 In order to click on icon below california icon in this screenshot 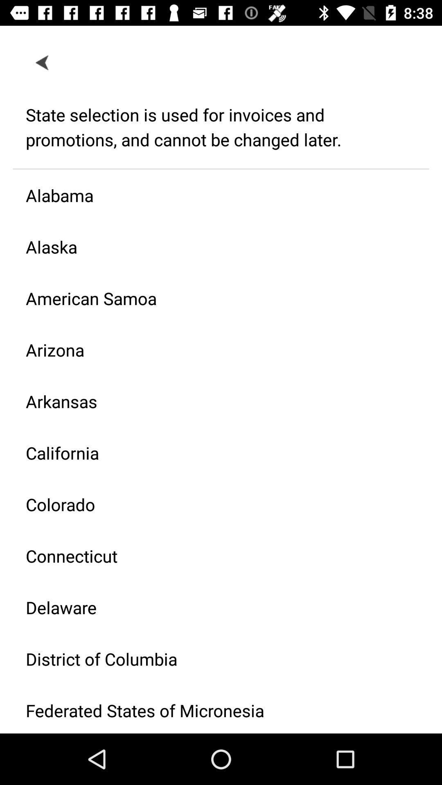, I will do `click(214, 504)`.